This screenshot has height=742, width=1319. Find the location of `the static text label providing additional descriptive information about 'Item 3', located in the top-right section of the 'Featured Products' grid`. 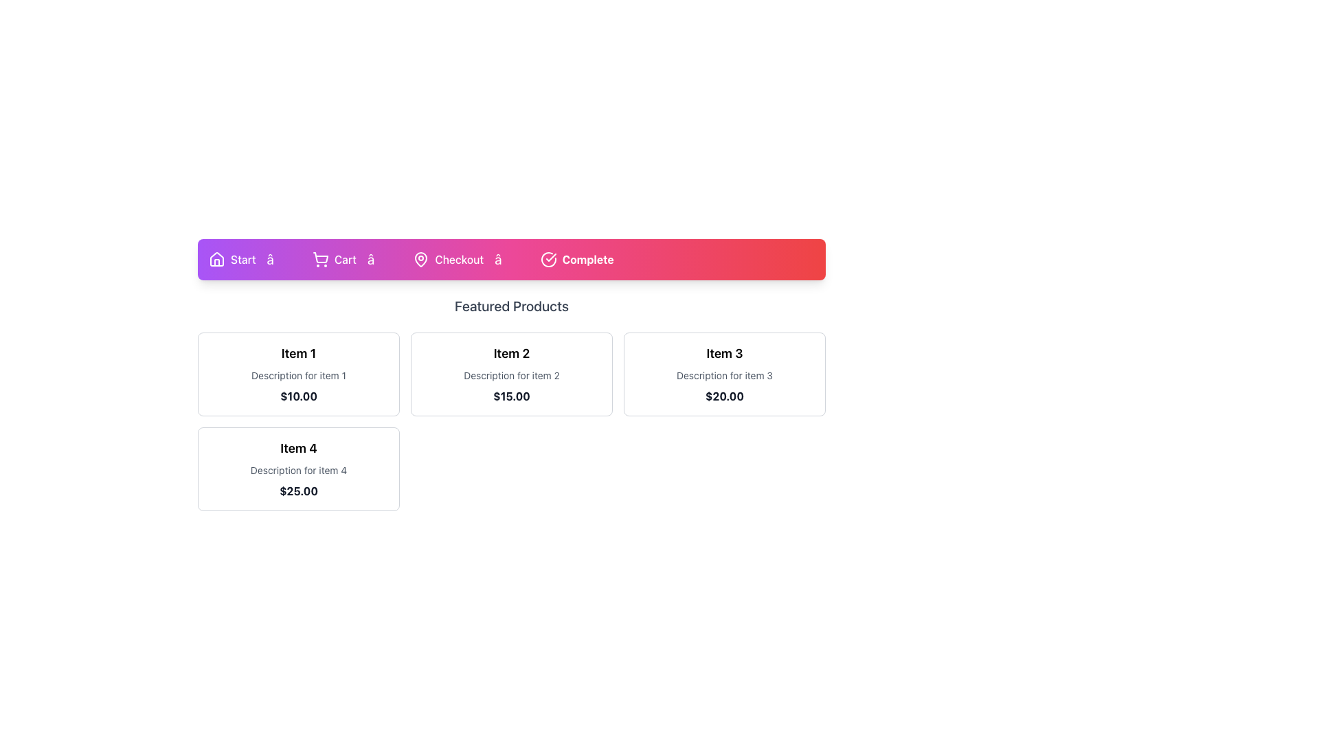

the static text label providing additional descriptive information about 'Item 3', located in the top-right section of the 'Featured Products' grid is located at coordinates (724, 376).